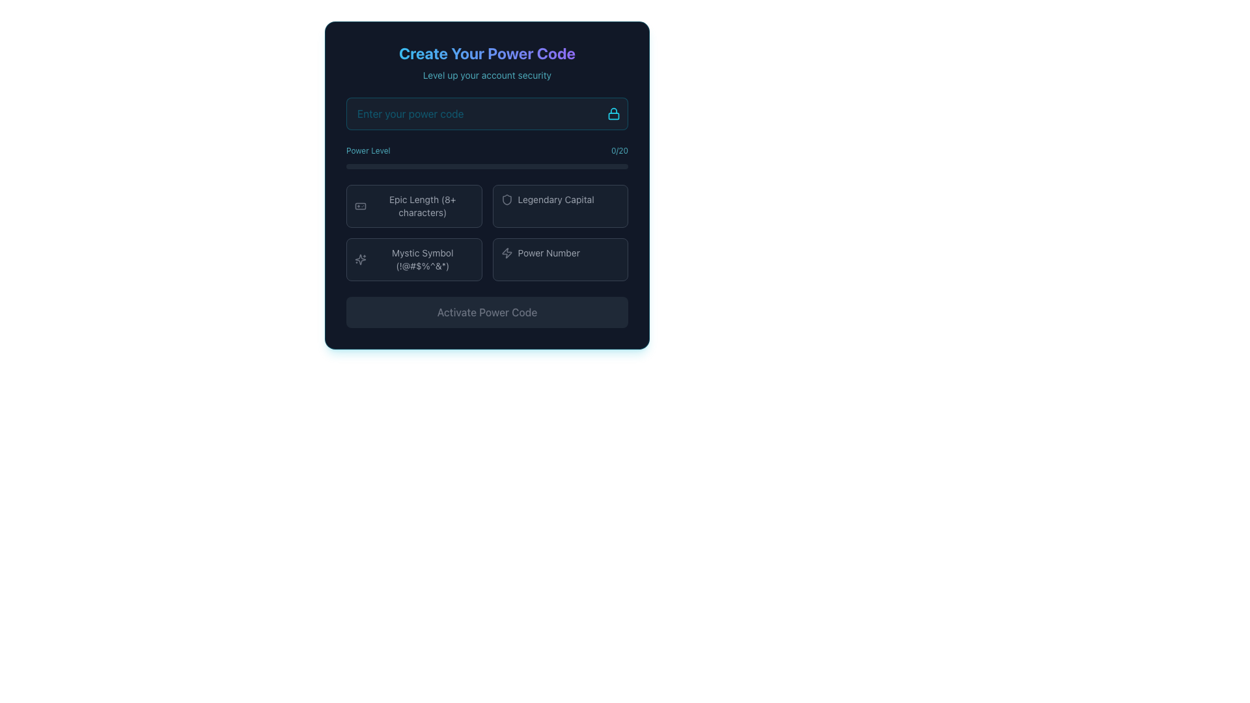  What do you see at coordinates (413, 259) in the screenshot?
I see `the selectable card labeled 'Mystic Symbol (!@#$%^&*)' with a dark background and rounded corners, positioned in the second row, first column of the grid` at bounding box center [413, 259].